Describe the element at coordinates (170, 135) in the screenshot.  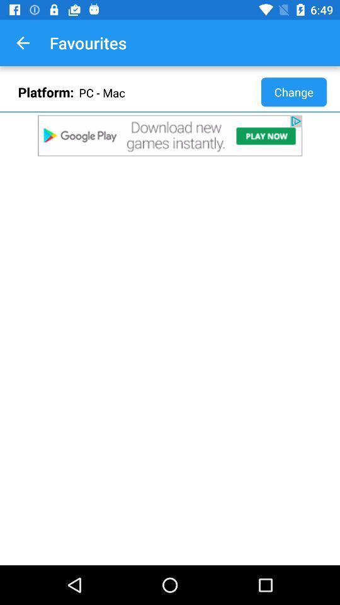
I see `advertisement` at that location.